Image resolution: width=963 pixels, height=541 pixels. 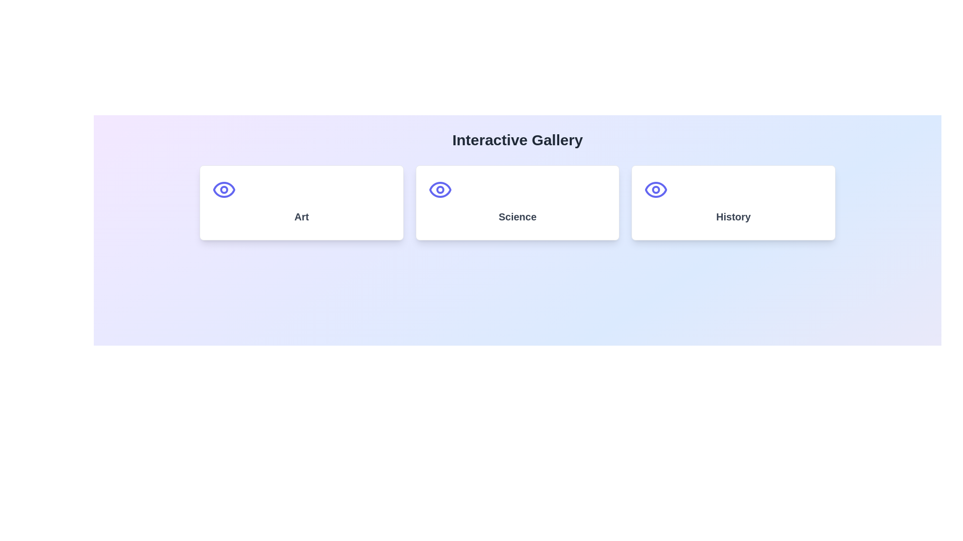 I want to click on the eye icon that is styled with bold strokes and blue color, located at the top center of the third card labeled 'History', so click(x=656, y=189).